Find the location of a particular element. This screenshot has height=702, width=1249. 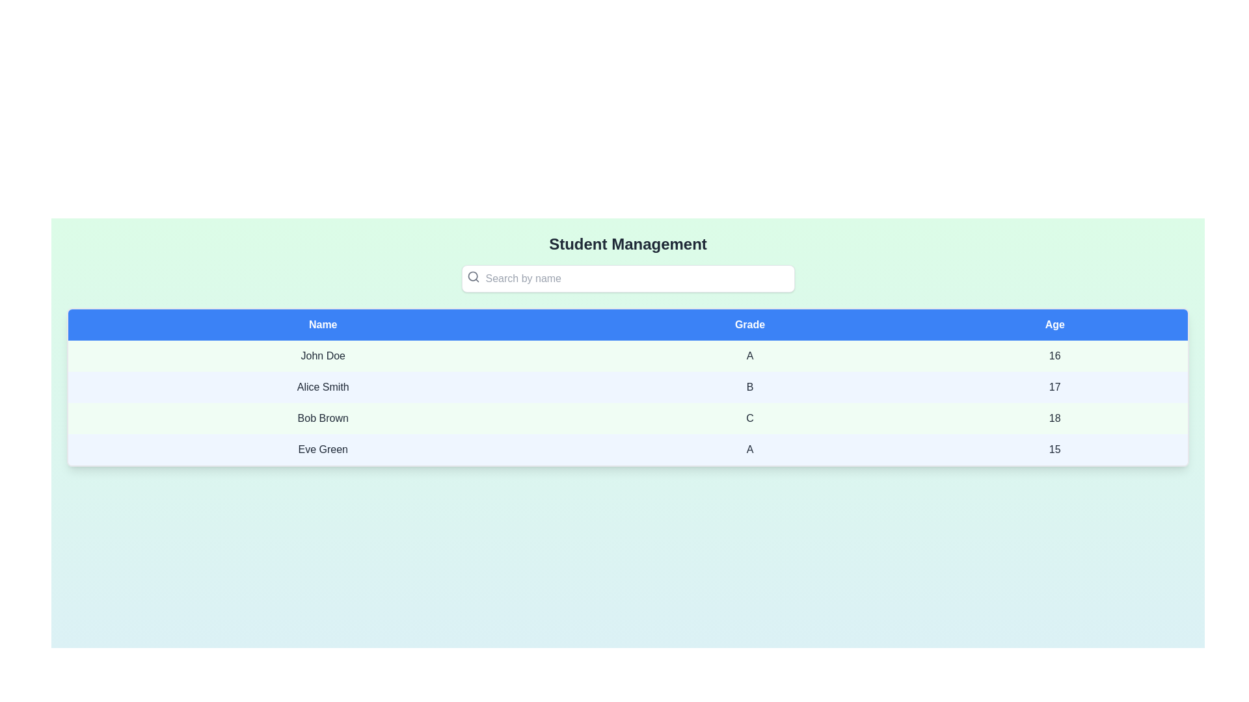

the text label displaying the number '17' in bold black font, located in the 'Age' column for 'Alice Smith' in the table is located at coordinates (1054, 387).